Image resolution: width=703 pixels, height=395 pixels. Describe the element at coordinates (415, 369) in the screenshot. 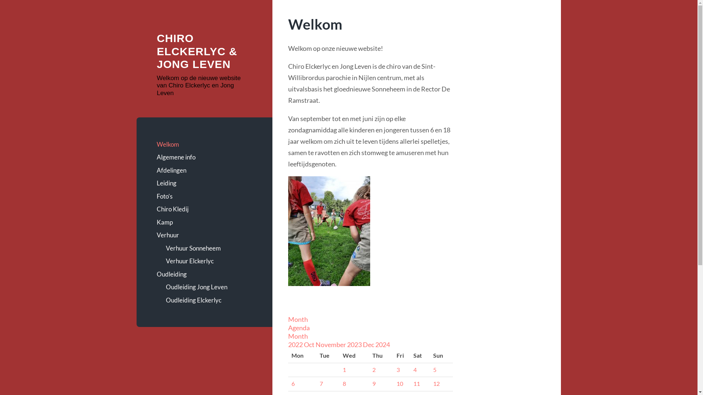

I see `'4'` at that location.